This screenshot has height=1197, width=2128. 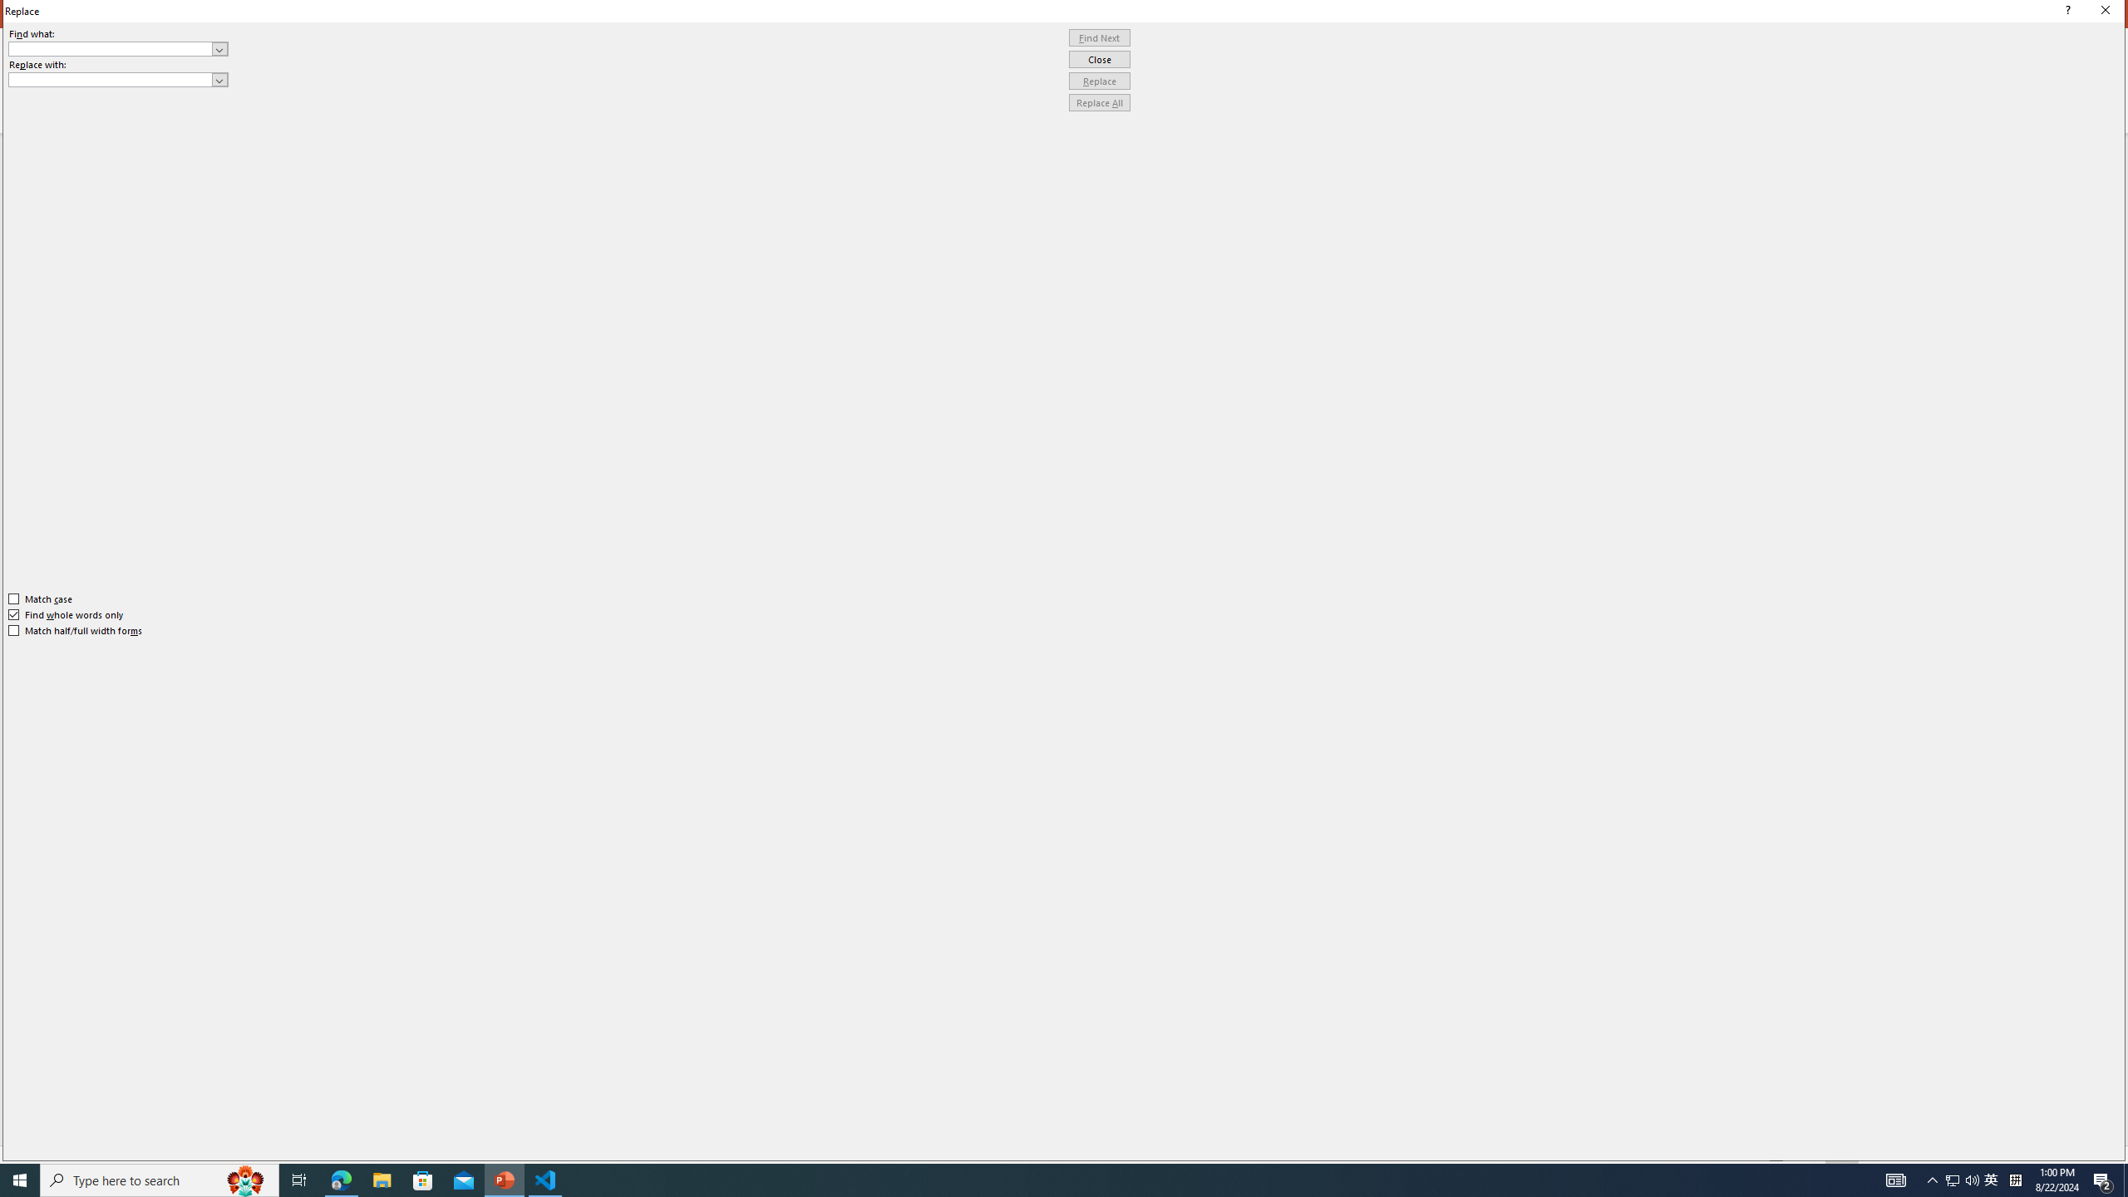 What do you see at coordinates (1099, 37) in the screenshot?
I see `'Find Next'` at bounding box center [1099, 37].